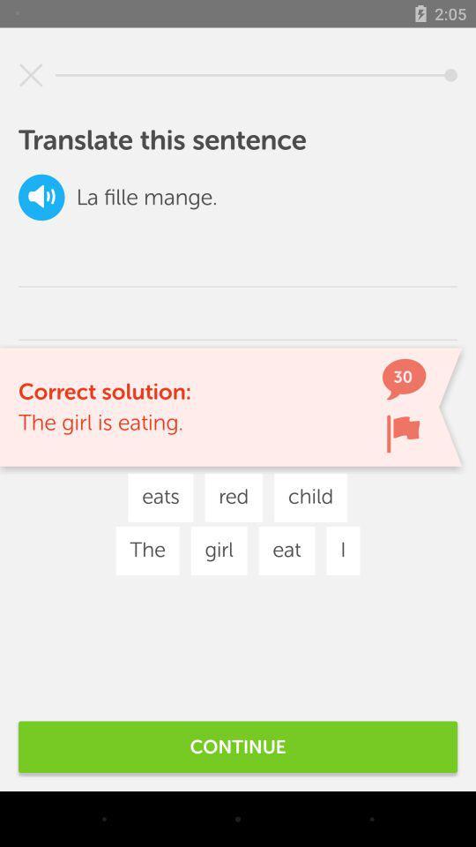  Describe the element at coordinates (403, 432) in the screenshot. I see `flag solution` at that location.